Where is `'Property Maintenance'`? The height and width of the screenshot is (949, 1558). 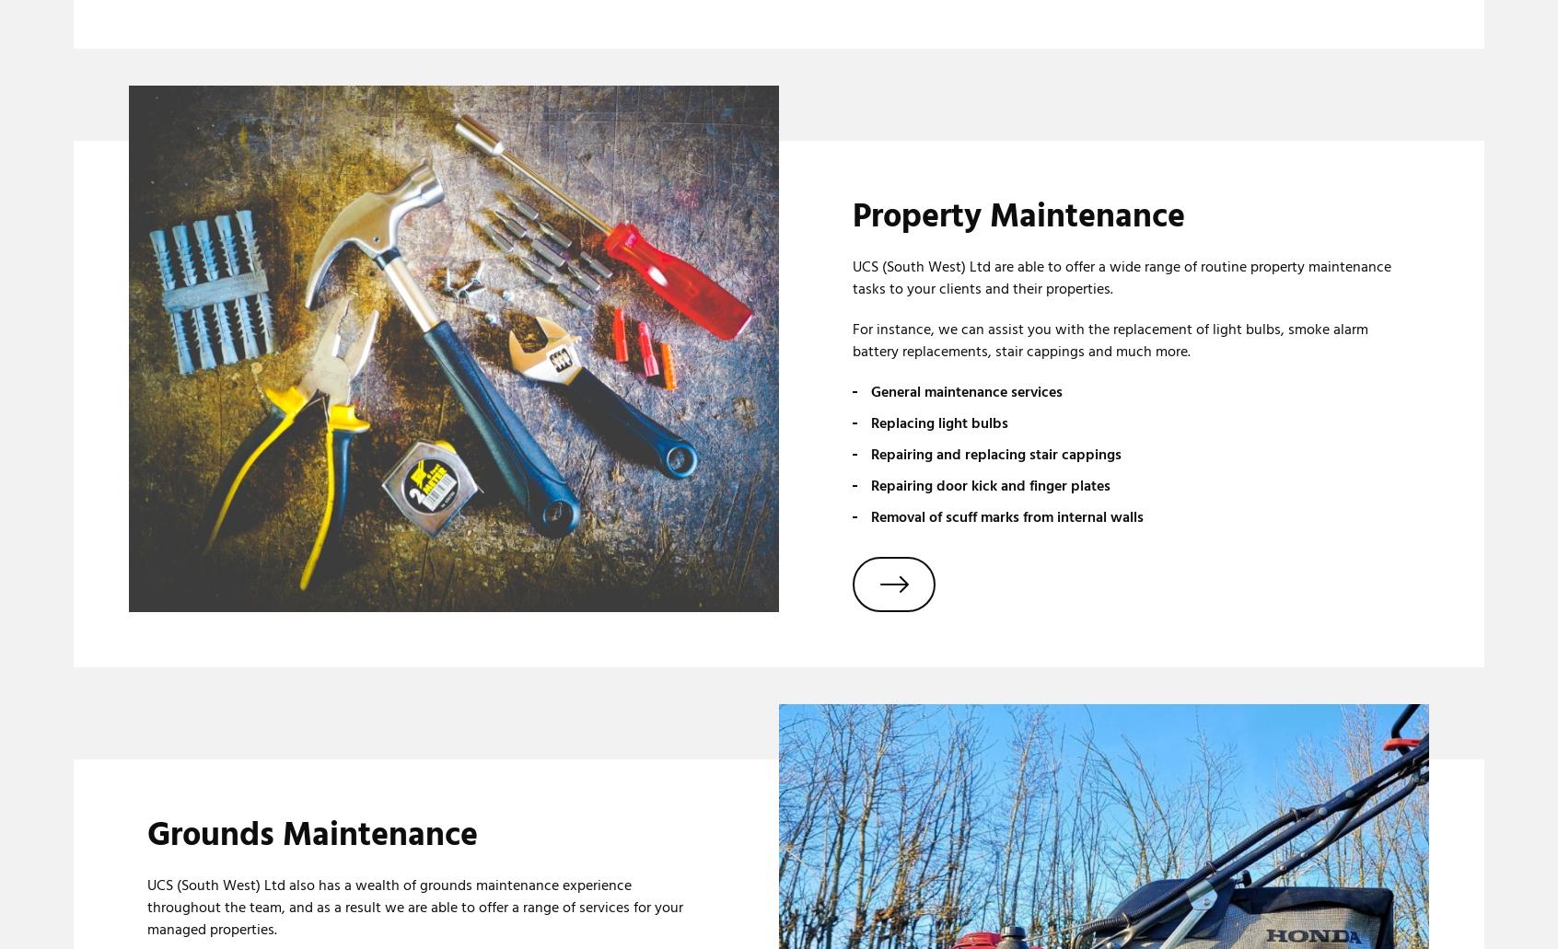
'Property Maintenance' is located at coordinates (1018, 215).